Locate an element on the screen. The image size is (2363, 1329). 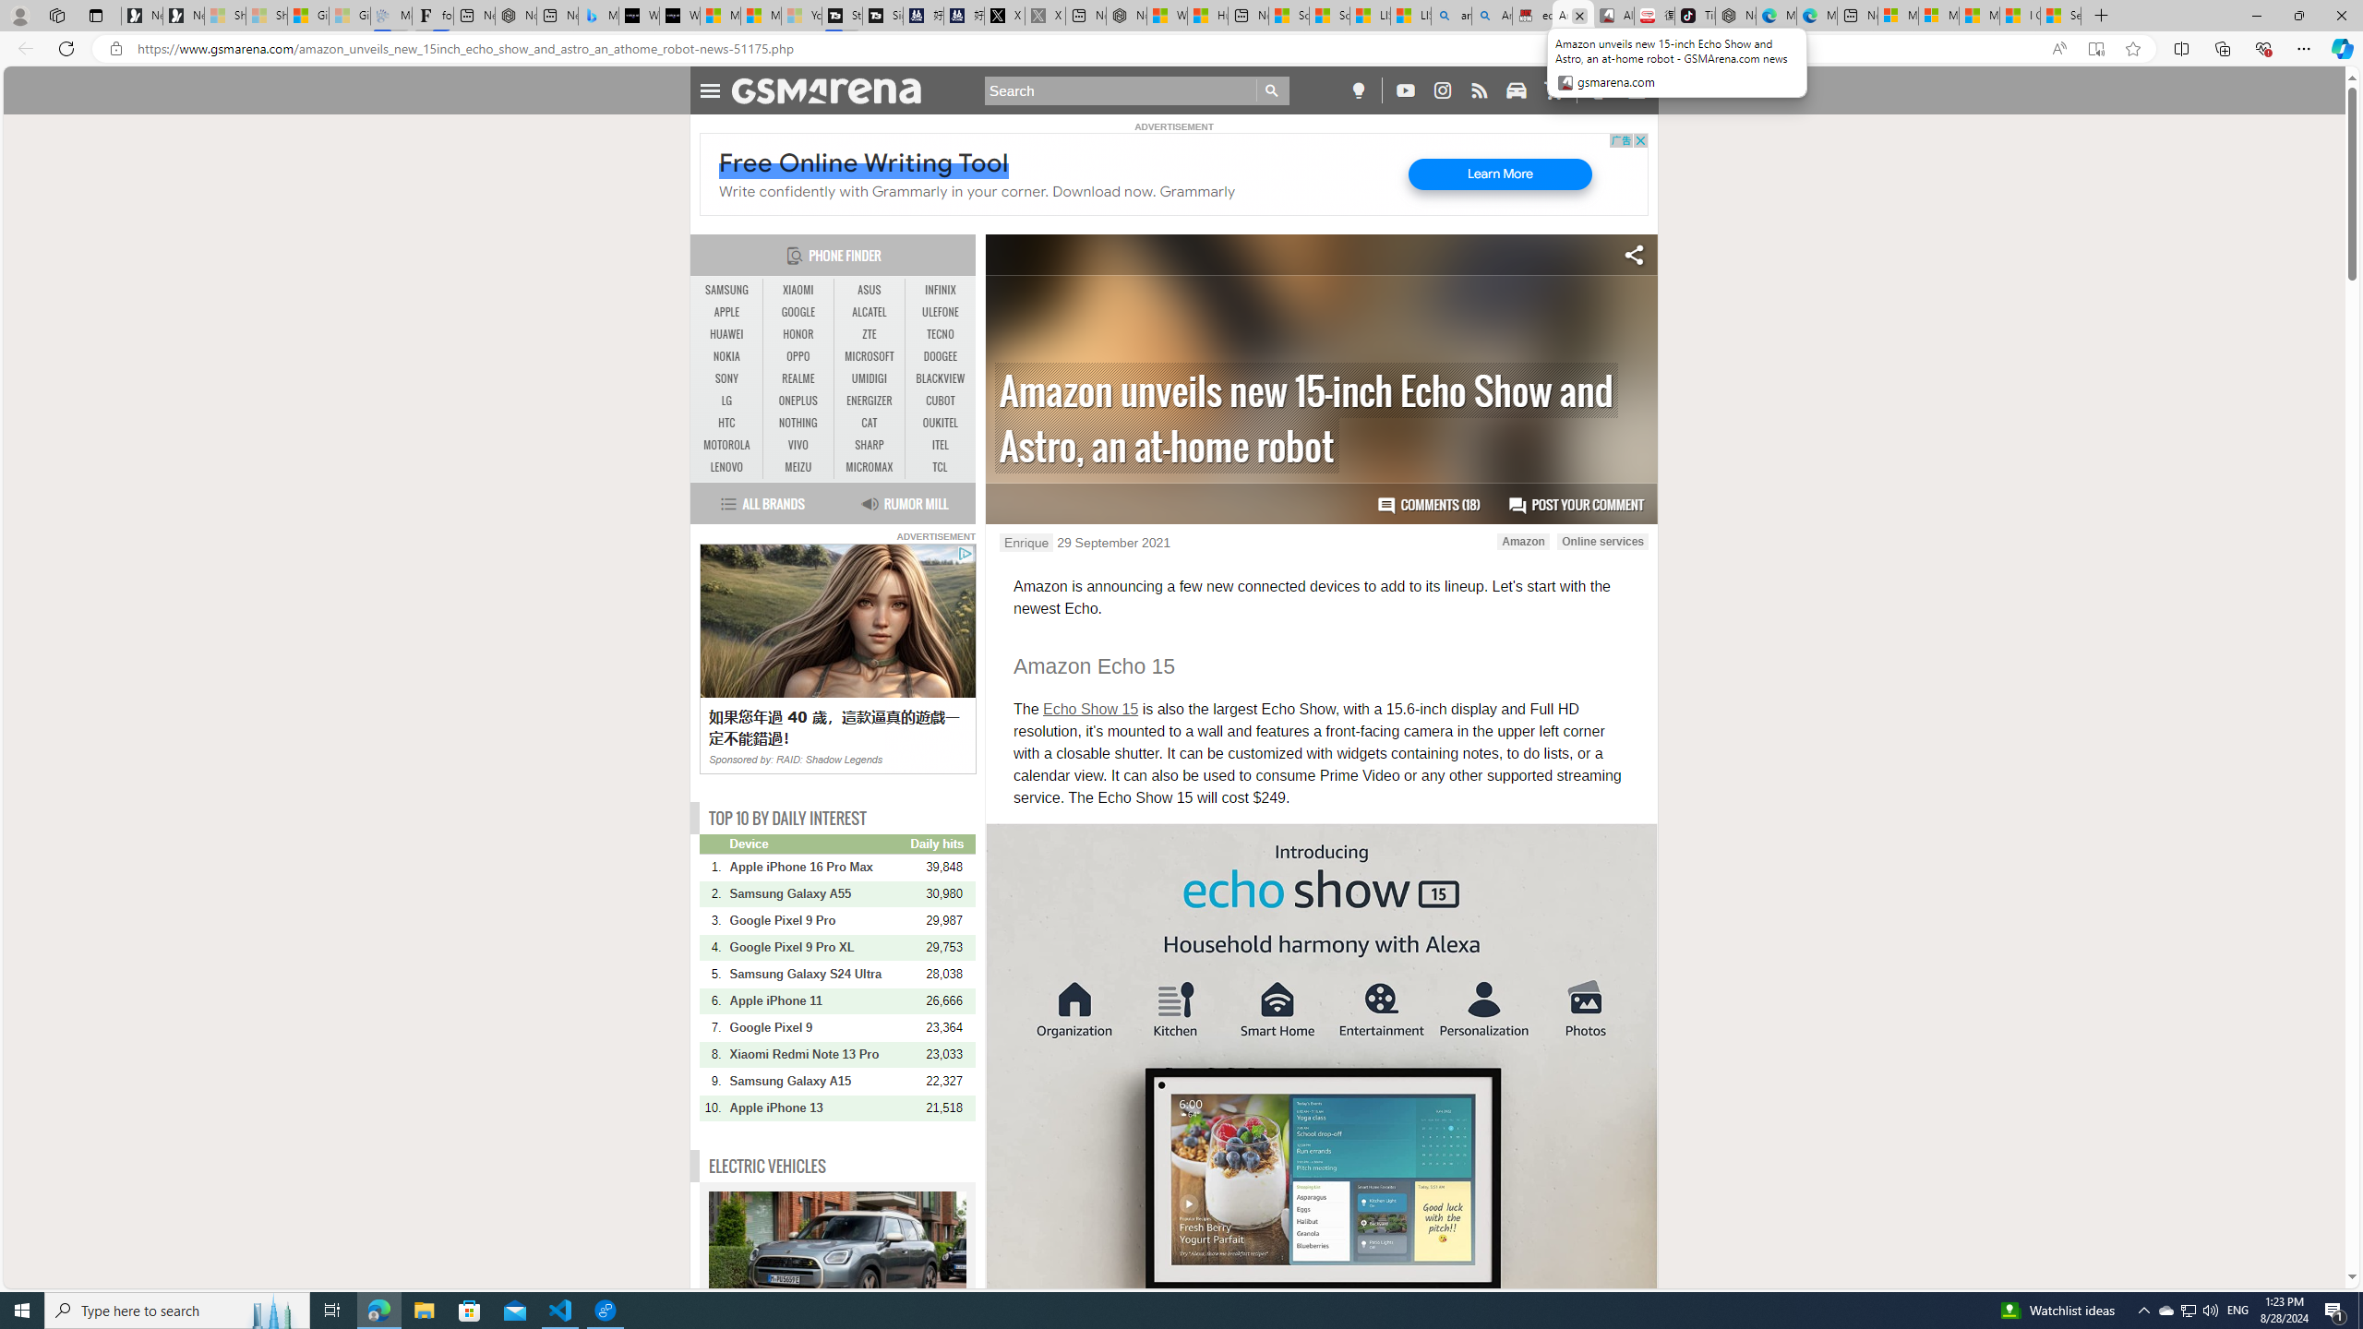
'Amazon' is located at coordinates (1523, 540).